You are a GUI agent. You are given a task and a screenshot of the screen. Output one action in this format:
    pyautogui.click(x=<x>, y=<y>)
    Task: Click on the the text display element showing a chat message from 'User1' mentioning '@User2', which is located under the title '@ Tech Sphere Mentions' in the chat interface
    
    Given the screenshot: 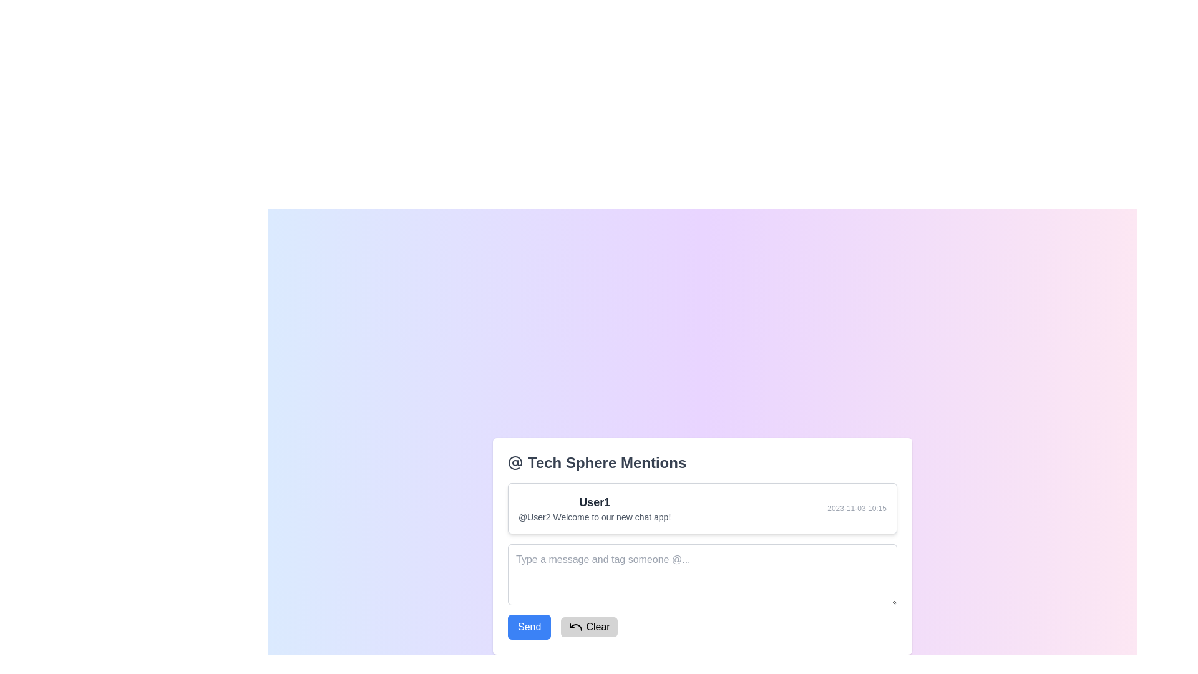 What is the action you would take?
    pyautogui.click(x=594, y=508)
    